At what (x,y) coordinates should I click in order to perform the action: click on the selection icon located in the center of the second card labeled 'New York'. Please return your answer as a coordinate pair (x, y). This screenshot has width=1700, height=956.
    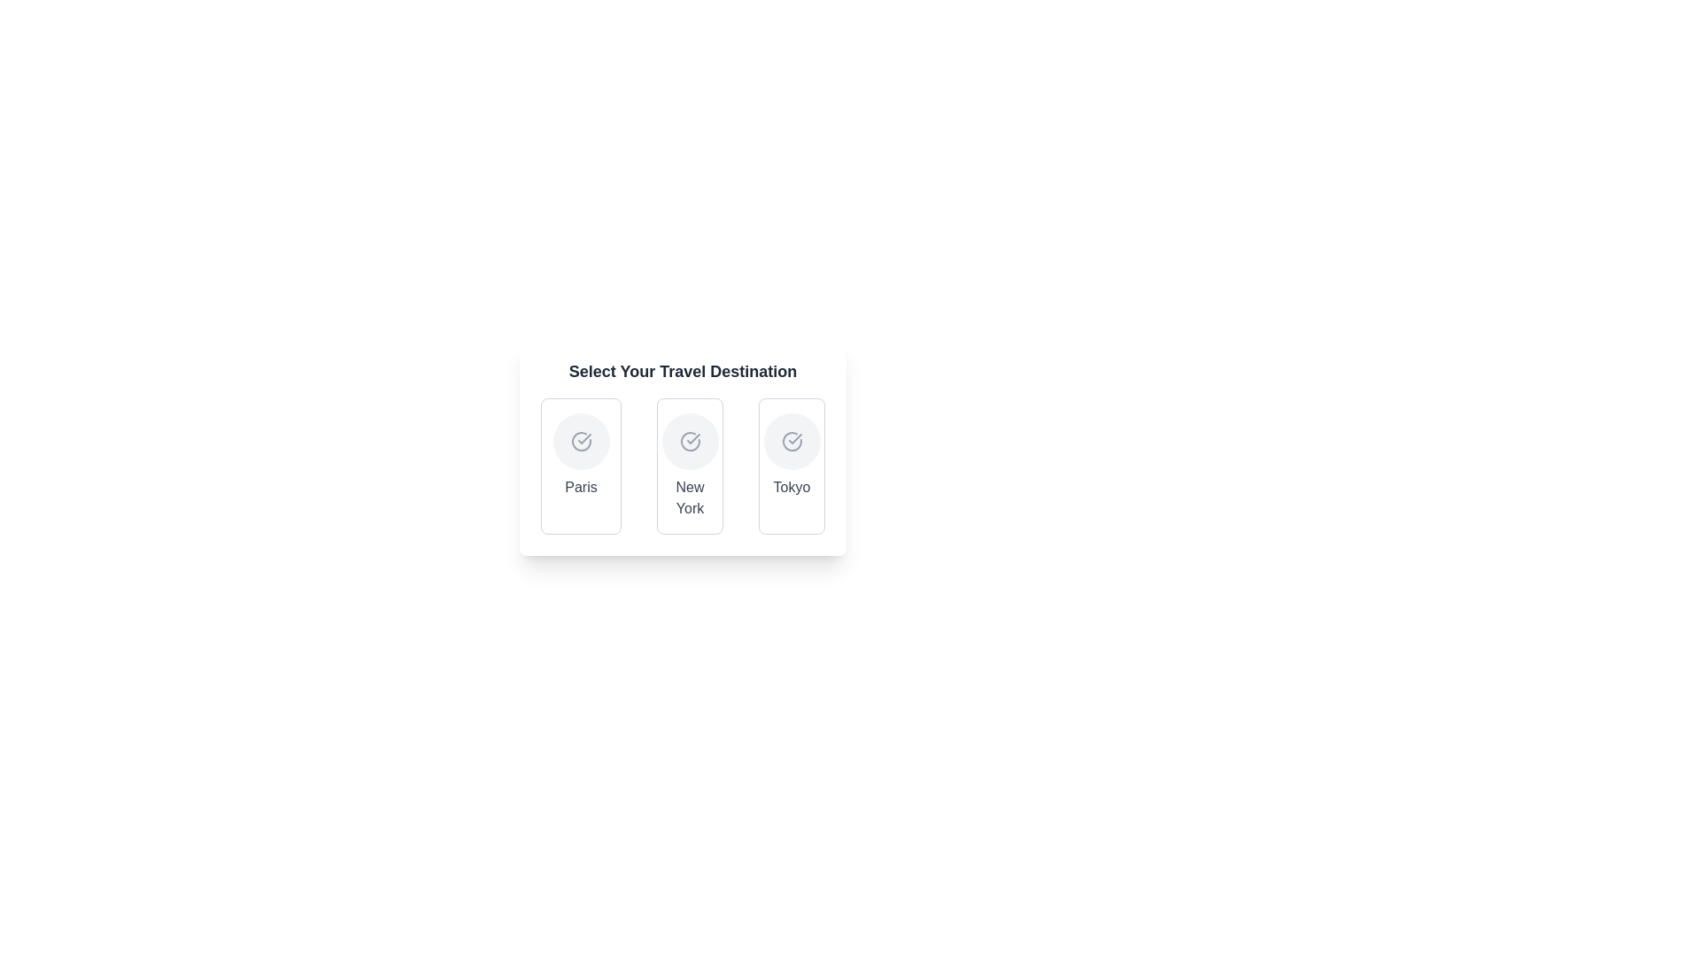
    Looking at the image, I should click on (689, 440).